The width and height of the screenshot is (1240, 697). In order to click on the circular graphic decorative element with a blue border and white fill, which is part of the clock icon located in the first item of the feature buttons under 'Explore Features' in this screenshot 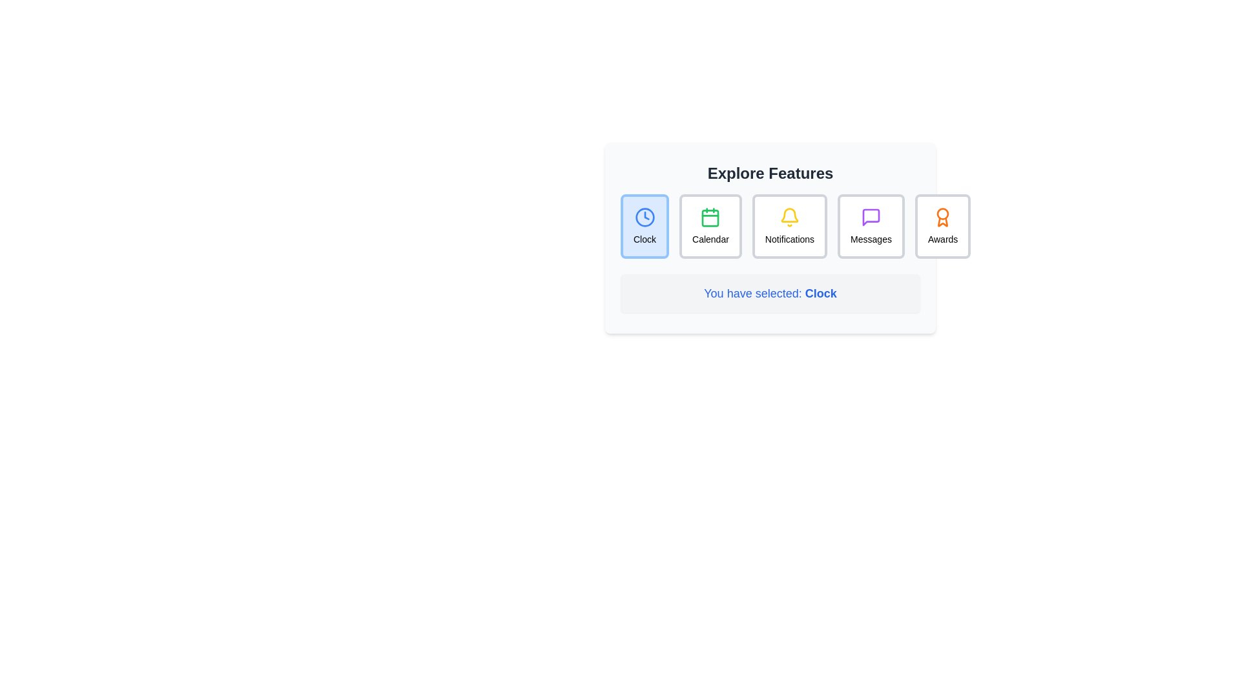, I will do `click(645, 216)`.